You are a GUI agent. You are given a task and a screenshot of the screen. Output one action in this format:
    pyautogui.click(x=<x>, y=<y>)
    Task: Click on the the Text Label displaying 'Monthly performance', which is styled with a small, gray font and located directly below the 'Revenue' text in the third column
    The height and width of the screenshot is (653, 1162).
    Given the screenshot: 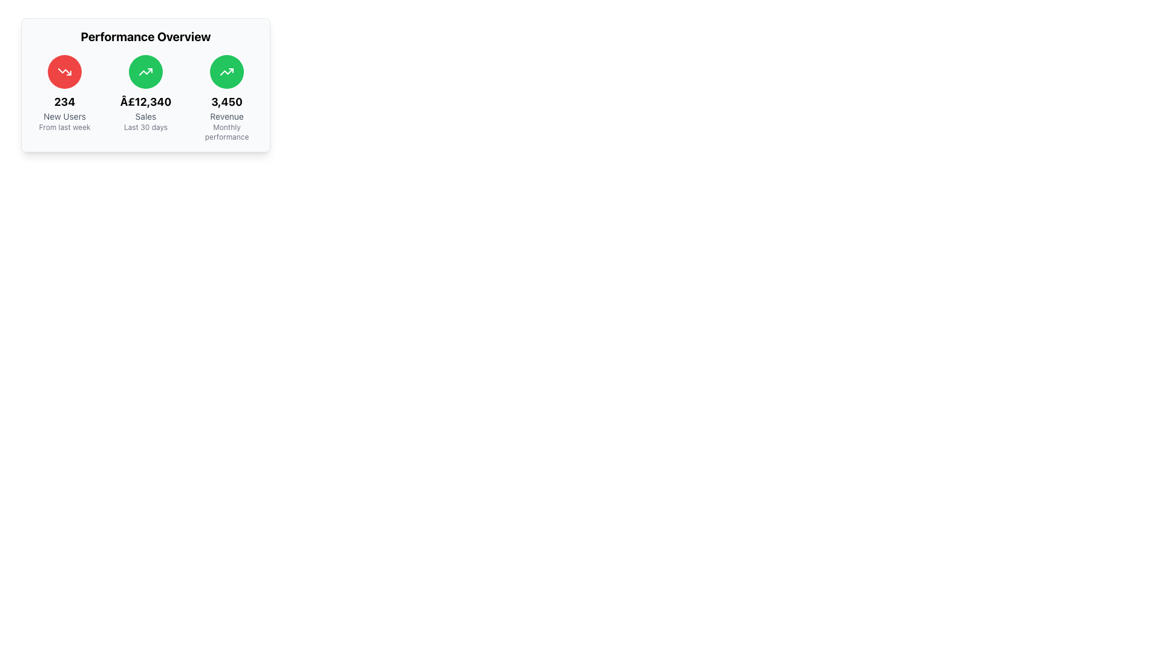 What is the action you would take?
    pyautogui.click(x=226, y=132)
    